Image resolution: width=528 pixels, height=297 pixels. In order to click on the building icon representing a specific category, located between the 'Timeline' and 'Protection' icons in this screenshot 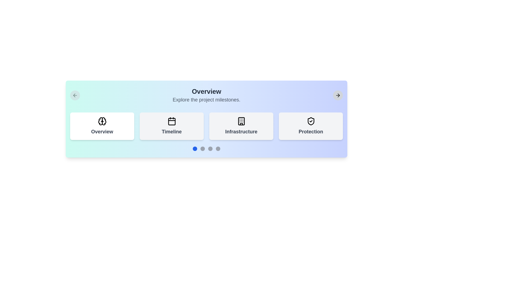, I will do `click(241, 121)`.